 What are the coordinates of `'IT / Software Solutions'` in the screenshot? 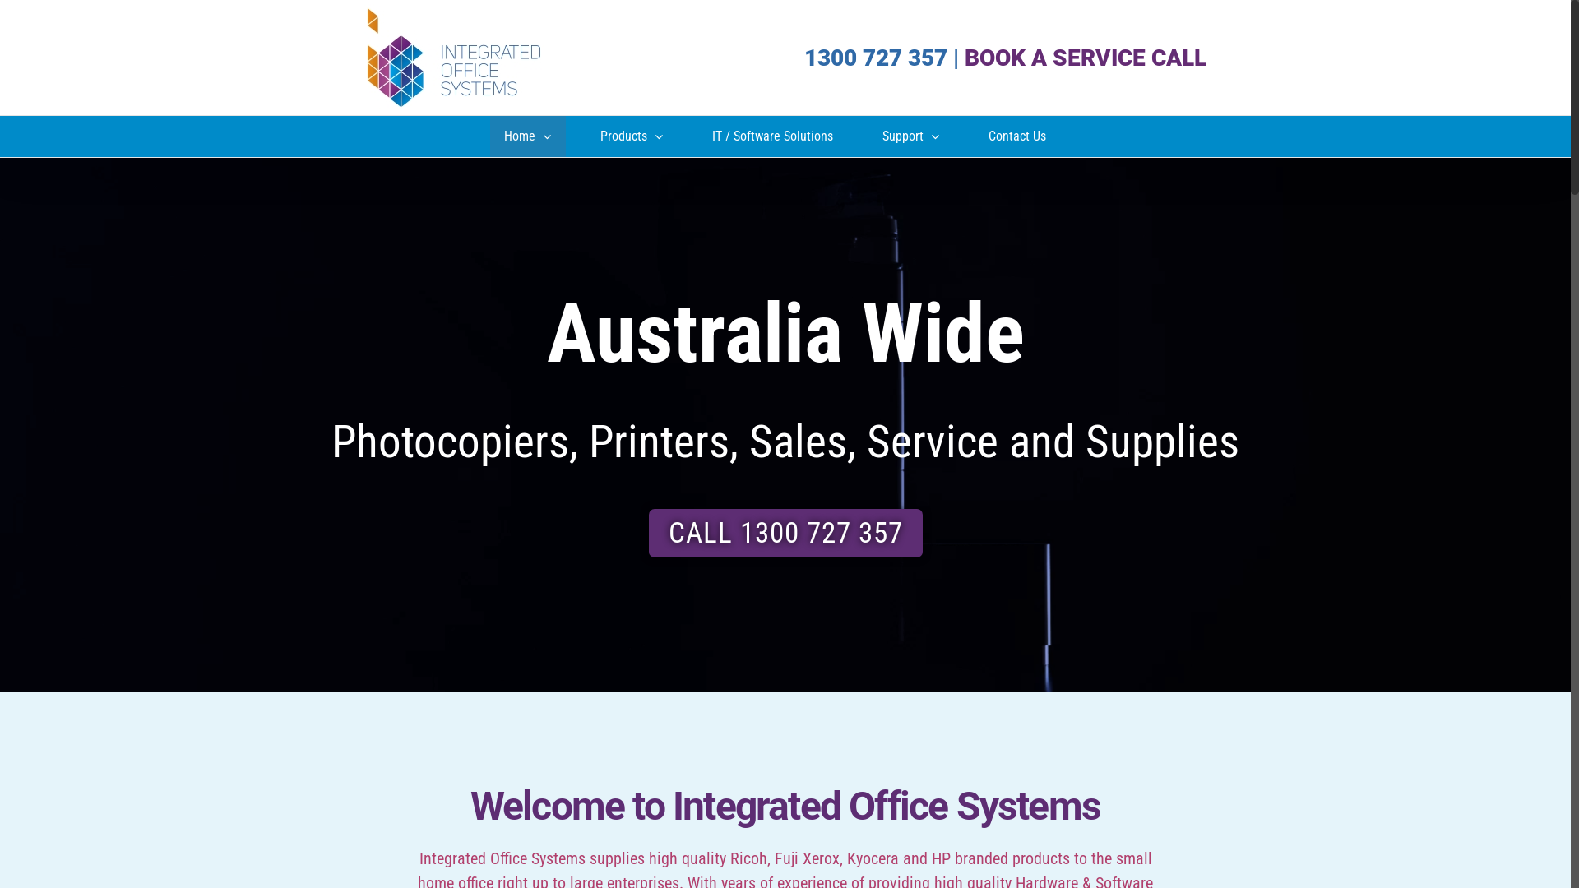 It's located at (697, 135).